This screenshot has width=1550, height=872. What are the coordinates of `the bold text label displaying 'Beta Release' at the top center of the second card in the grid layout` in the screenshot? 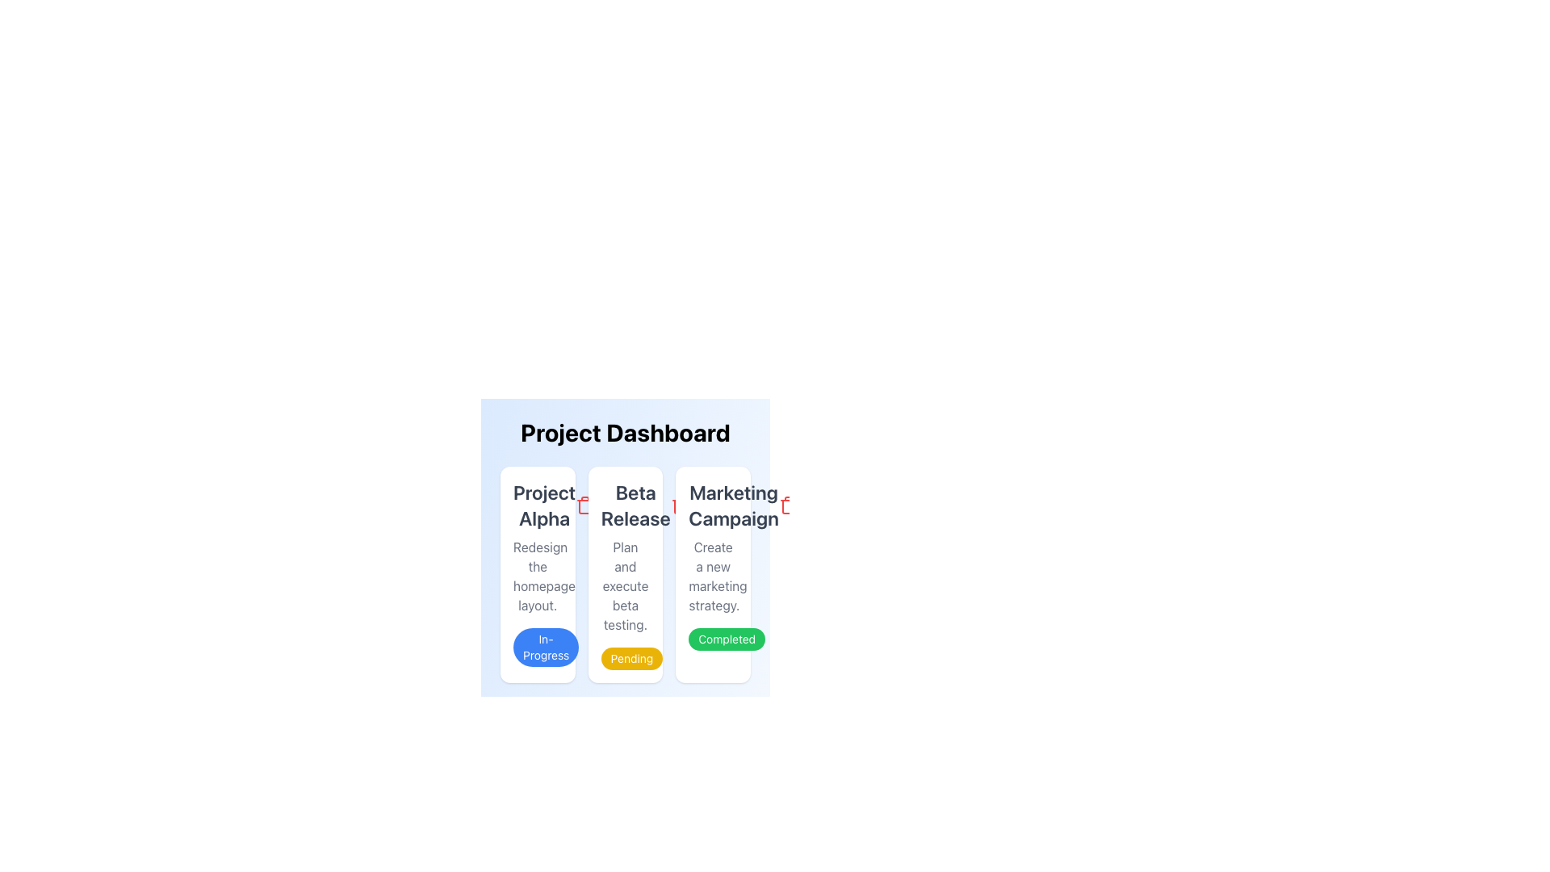 It's located at (624, 504).